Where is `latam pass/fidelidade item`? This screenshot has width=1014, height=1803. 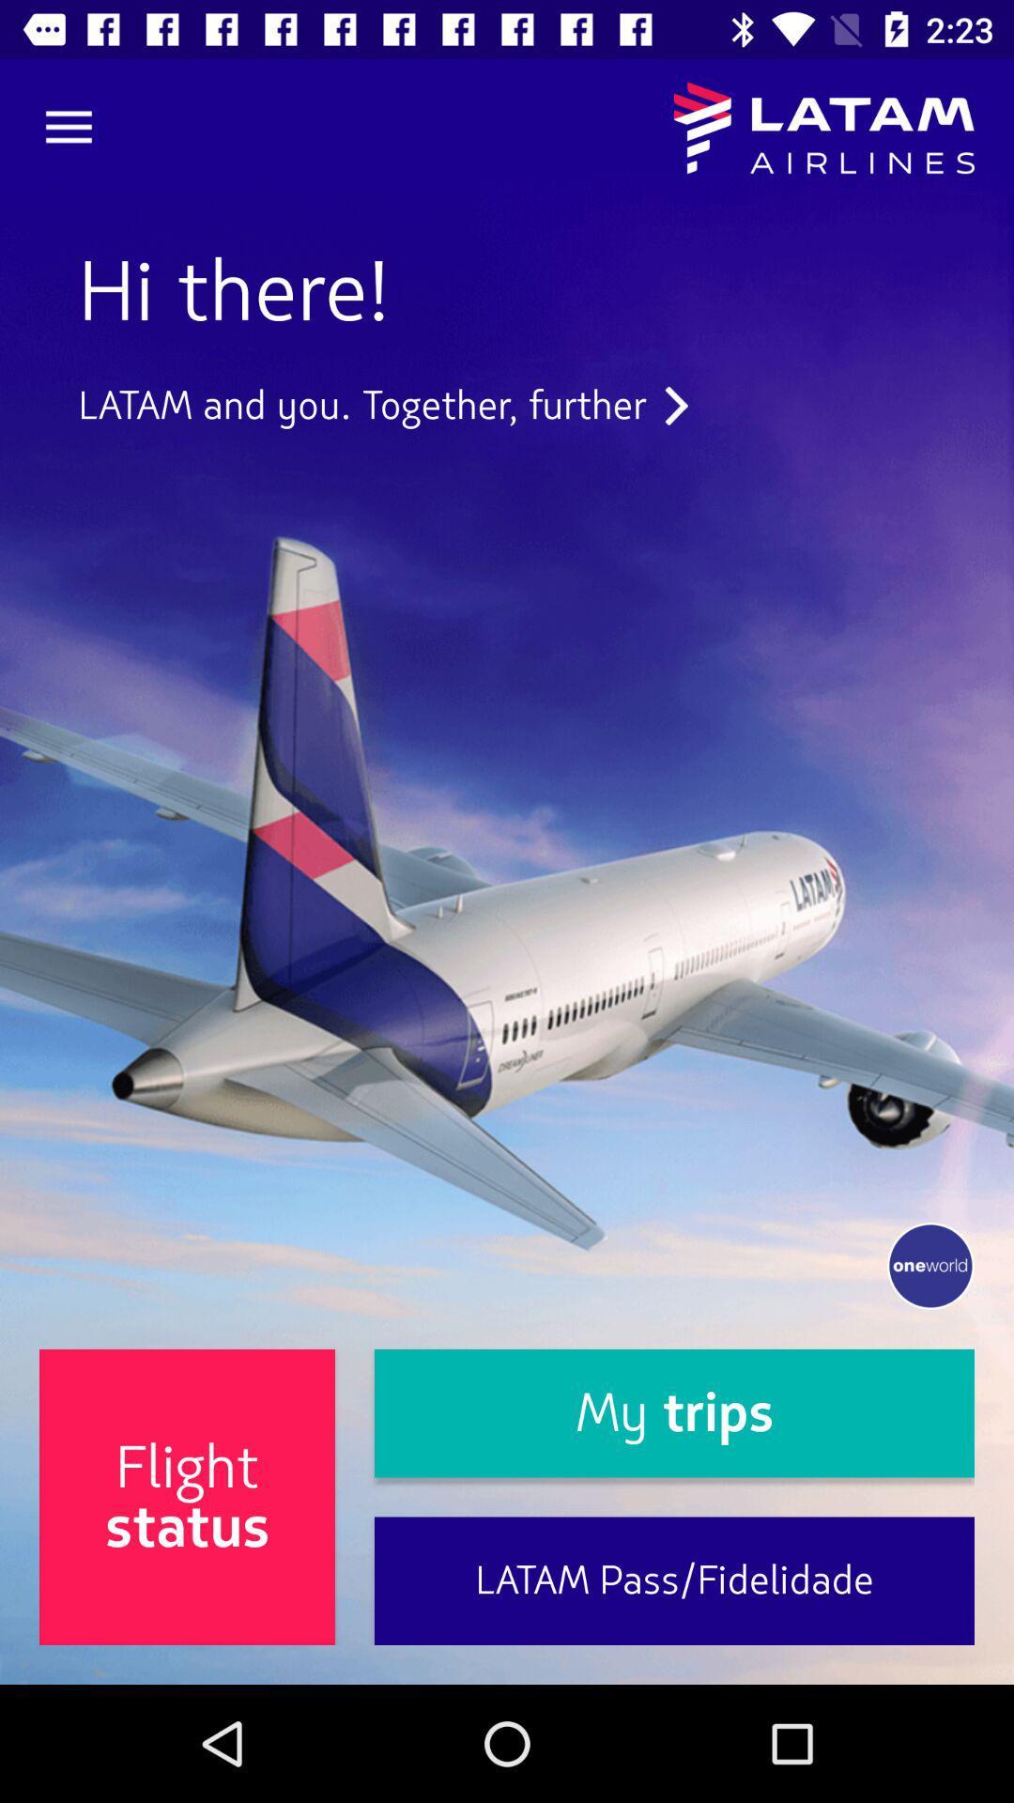
latam pass/fidelidade item is located at coordinates (673, 1580).